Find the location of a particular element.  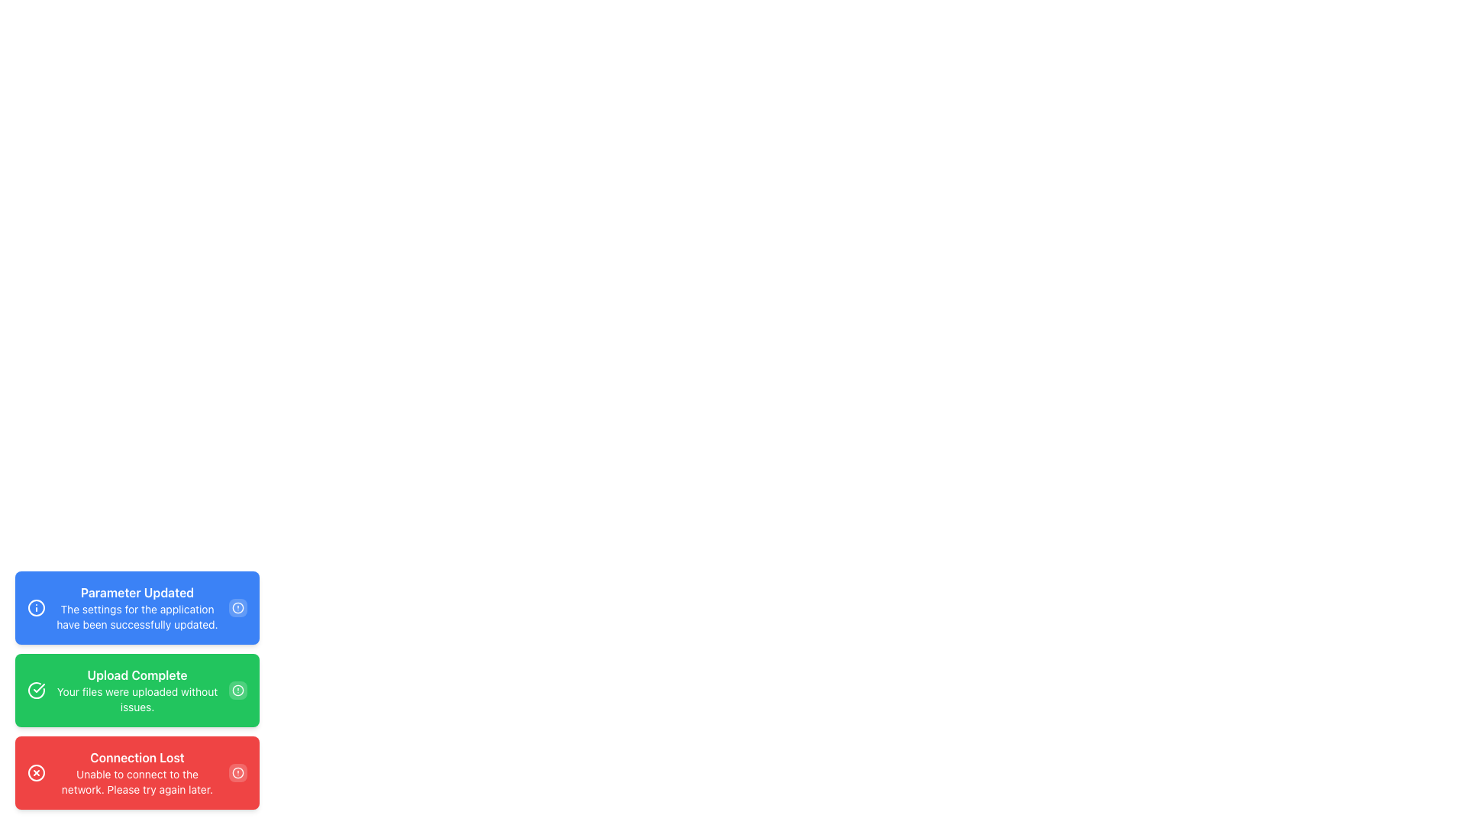

the notification text block located in the center of the green rectangular component, which confirms the successful file upload operation is located at coordinates (137, 690).